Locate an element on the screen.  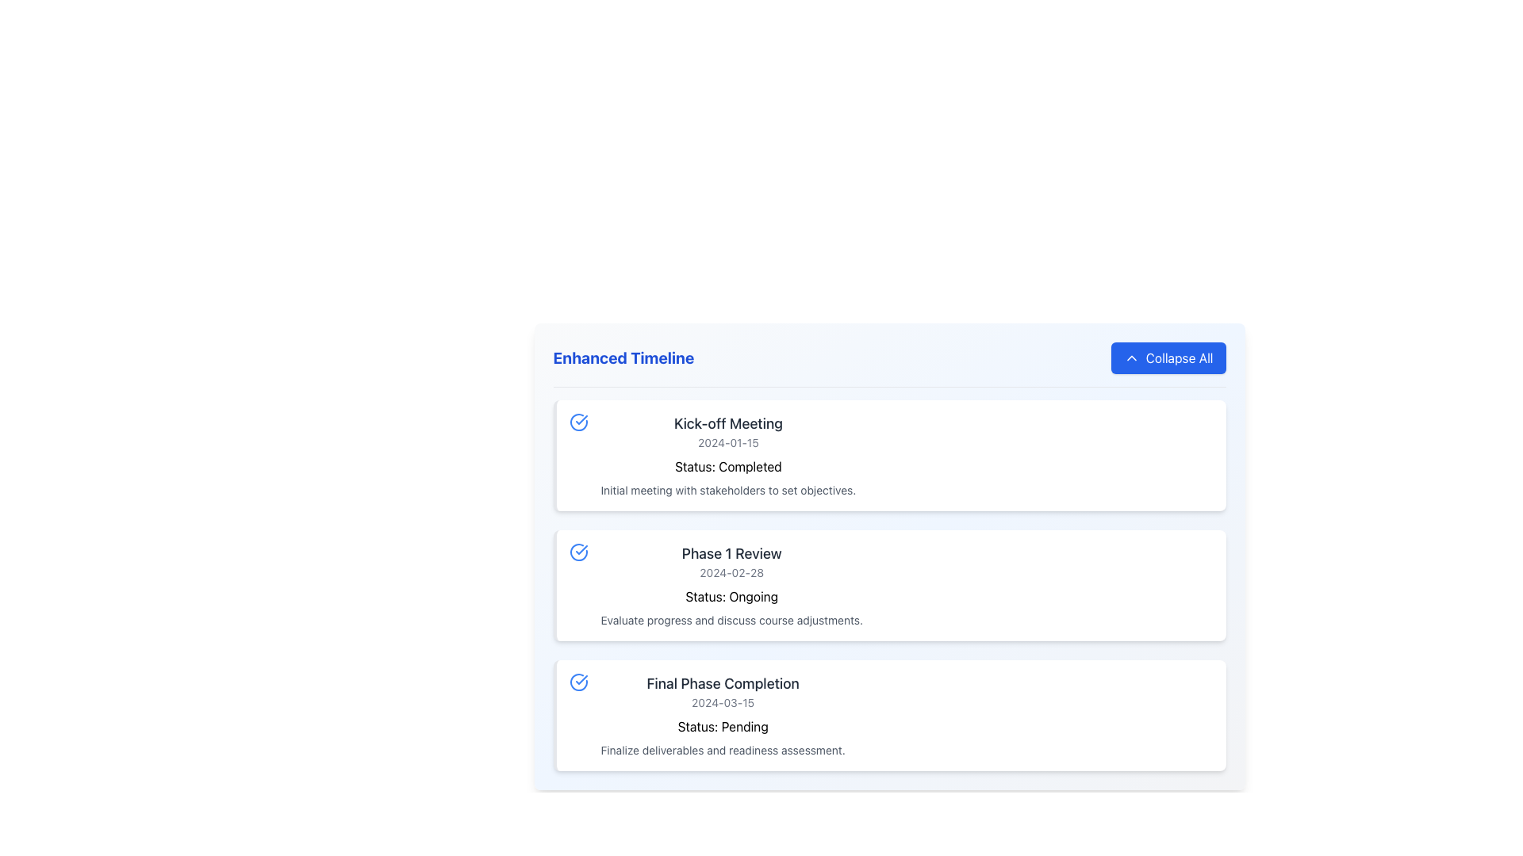
the text displaying '2024-03-15' within the 'Final Phase Completion' informational card, which is located beneath the title and above the 'Status: Pending' text is located at coordinates (722, 702).